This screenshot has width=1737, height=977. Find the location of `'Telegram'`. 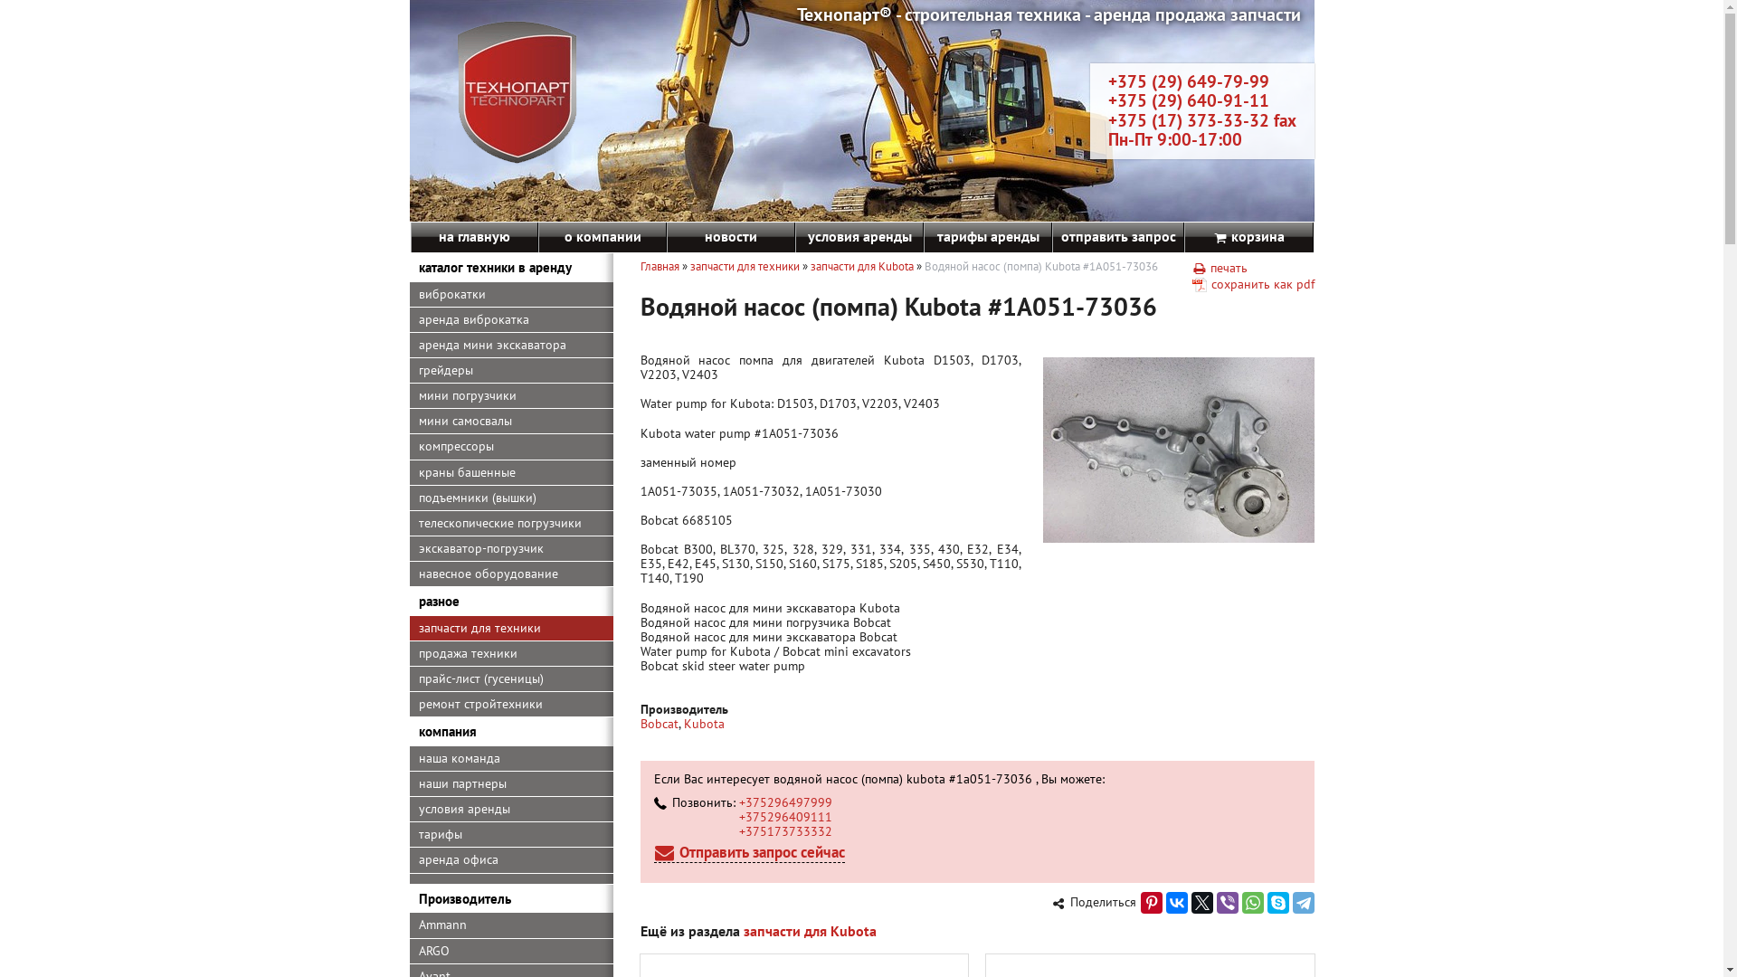

'Telegram' is located at coordinates (1303, 903).